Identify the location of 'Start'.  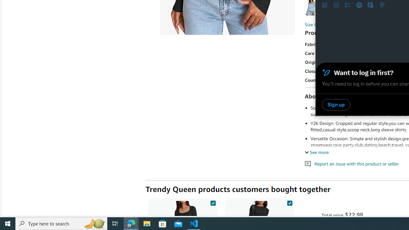
(8, 223).